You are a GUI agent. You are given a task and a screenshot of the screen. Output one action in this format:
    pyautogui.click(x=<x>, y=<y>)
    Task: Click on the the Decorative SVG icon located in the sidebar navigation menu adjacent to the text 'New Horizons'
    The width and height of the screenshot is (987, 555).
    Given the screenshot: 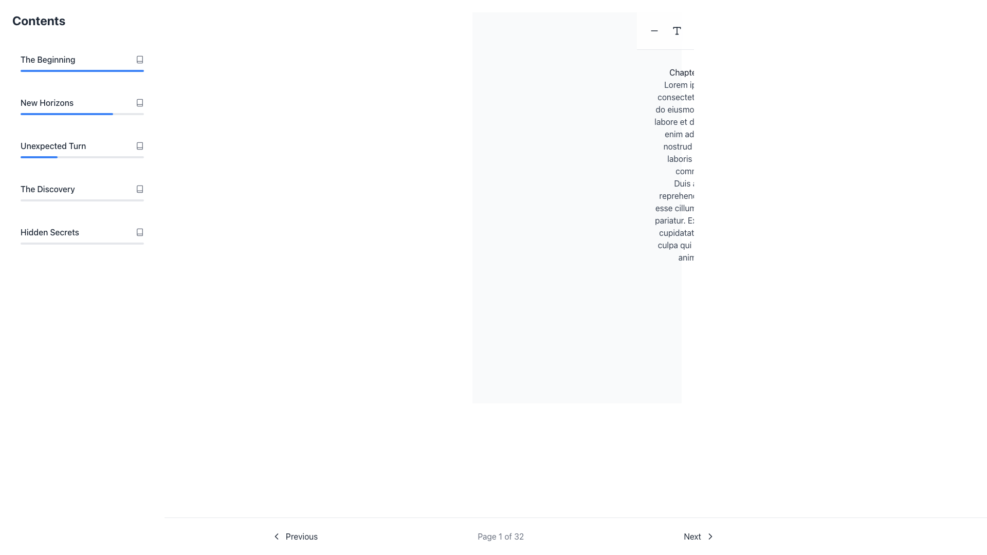 What is the action you would take?
    pyautogui.click(x=139, y=103)
    